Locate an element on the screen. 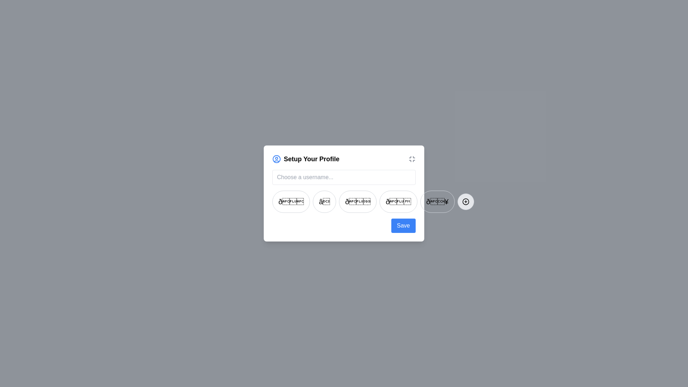 The height and width of the screenshot is (387, 688). the first button in a group of selectable options within the modal dialog is located at coordinates (291, 202).